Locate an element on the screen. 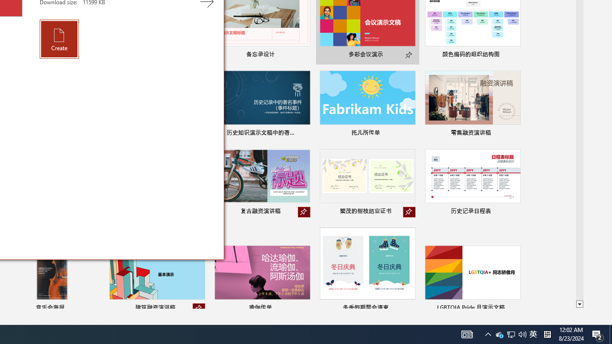  'Action Center, 2 new notifications' is located at coordinates (598, 333).